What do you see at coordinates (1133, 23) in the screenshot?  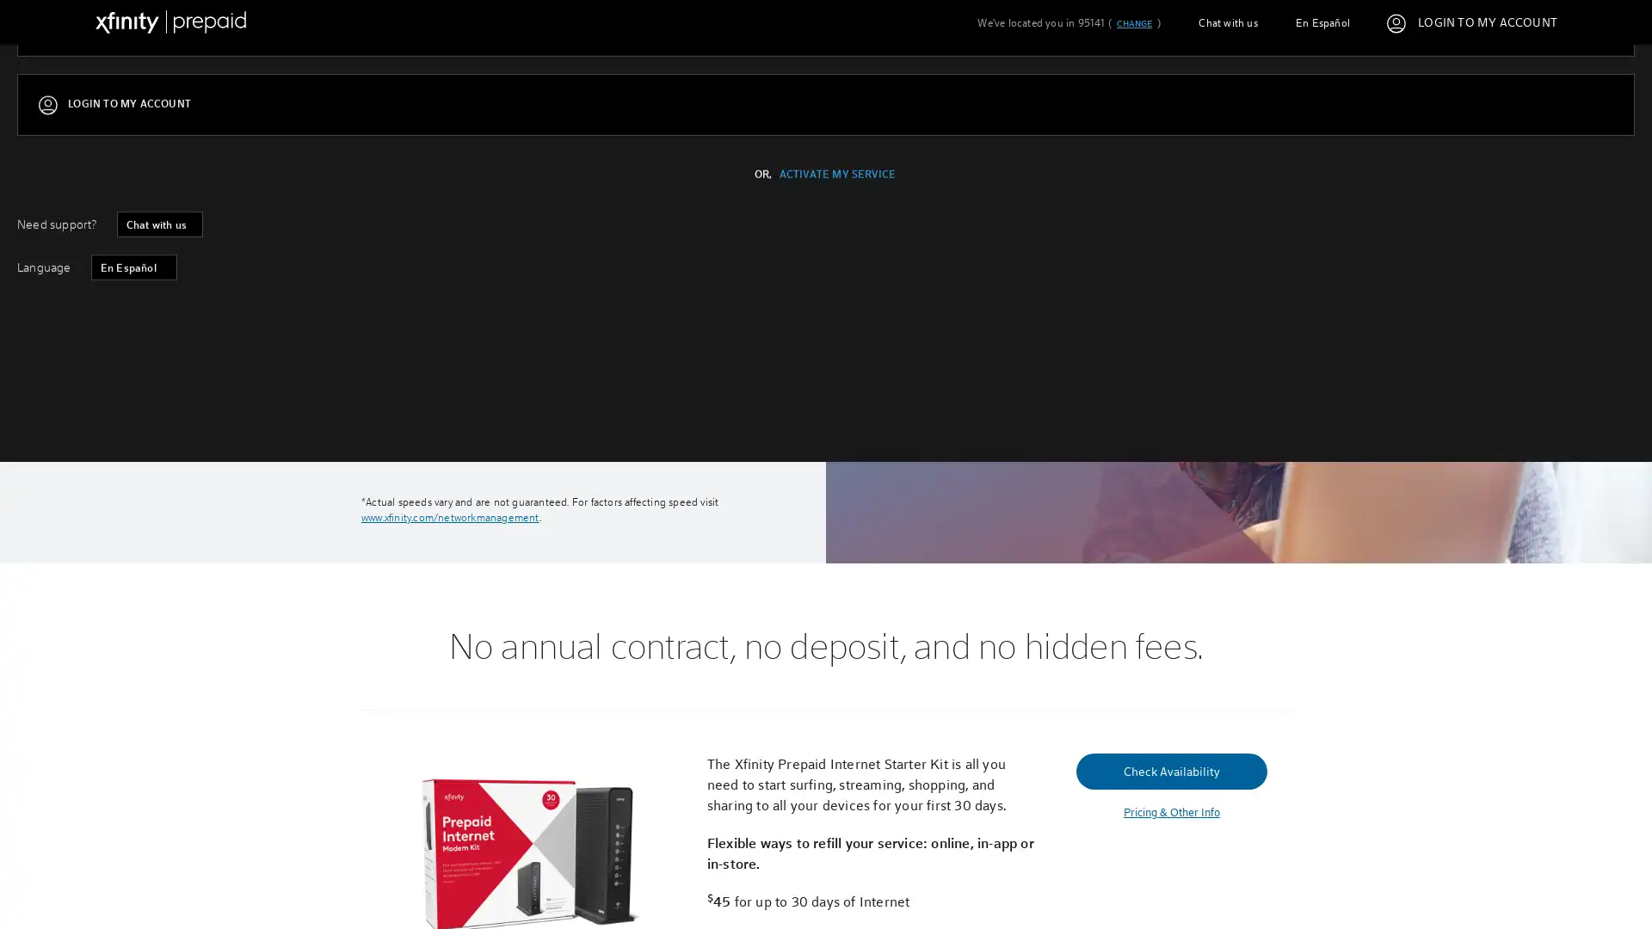 I see `CHANGE` at bounding box center [1133, 23].